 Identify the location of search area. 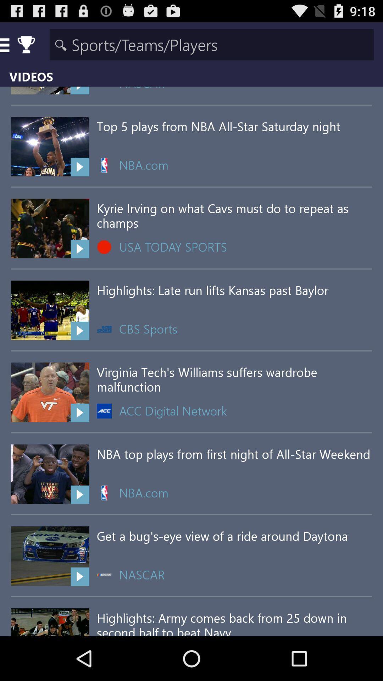
(211, 44).